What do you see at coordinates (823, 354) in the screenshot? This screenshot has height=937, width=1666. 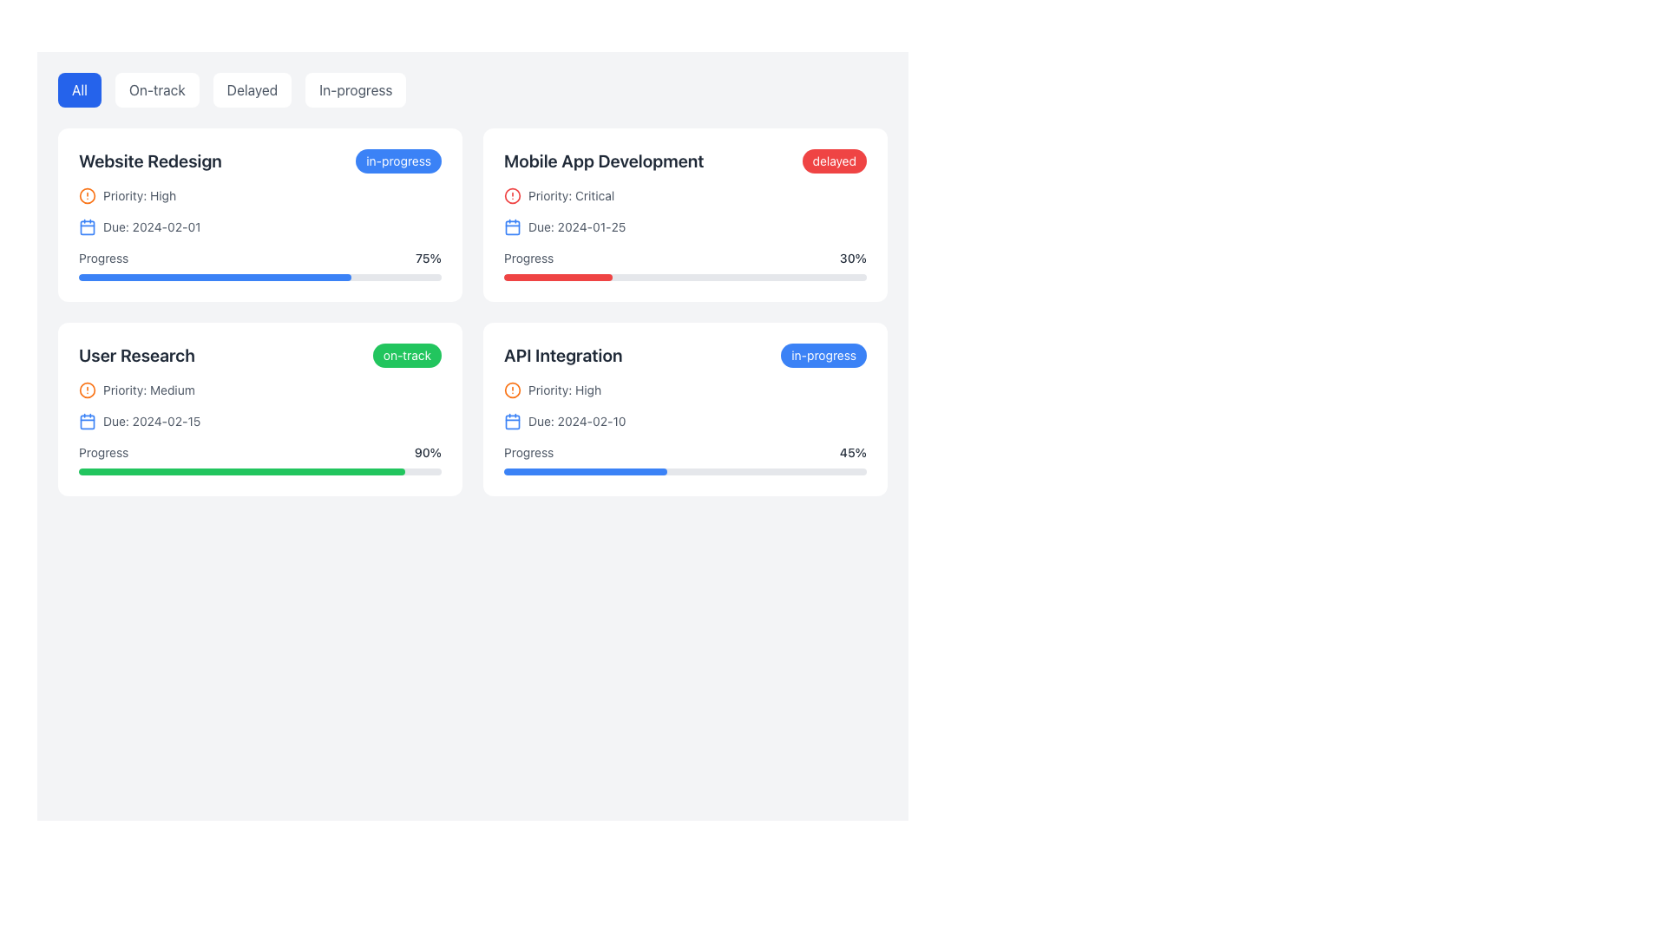 I see `the status label indicating the progress of the 'API Integration' task` at bounding box center [823, 354].